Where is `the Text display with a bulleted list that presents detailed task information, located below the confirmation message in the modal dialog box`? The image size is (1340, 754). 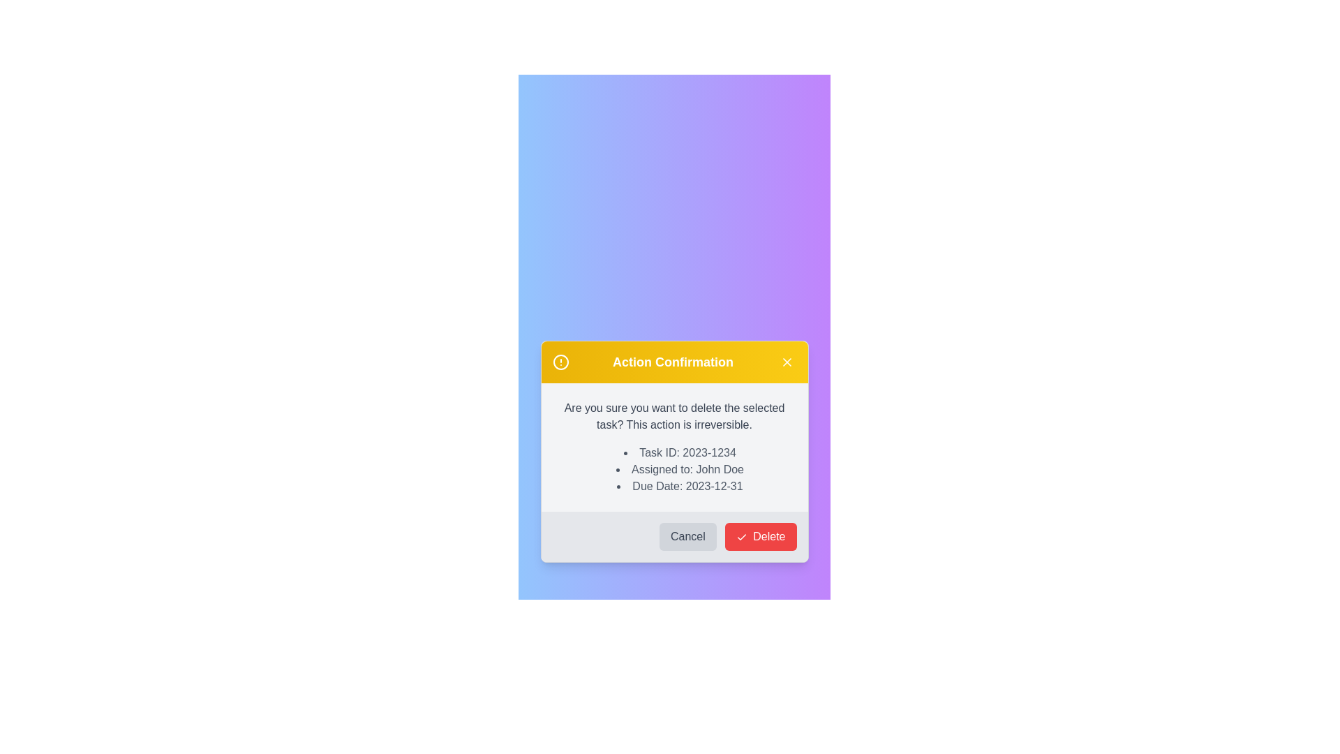
the Text display with a bulleted list that presents detailed task information, located below the confirmation message in the modal dialog box is located at coordinates (674, 469).